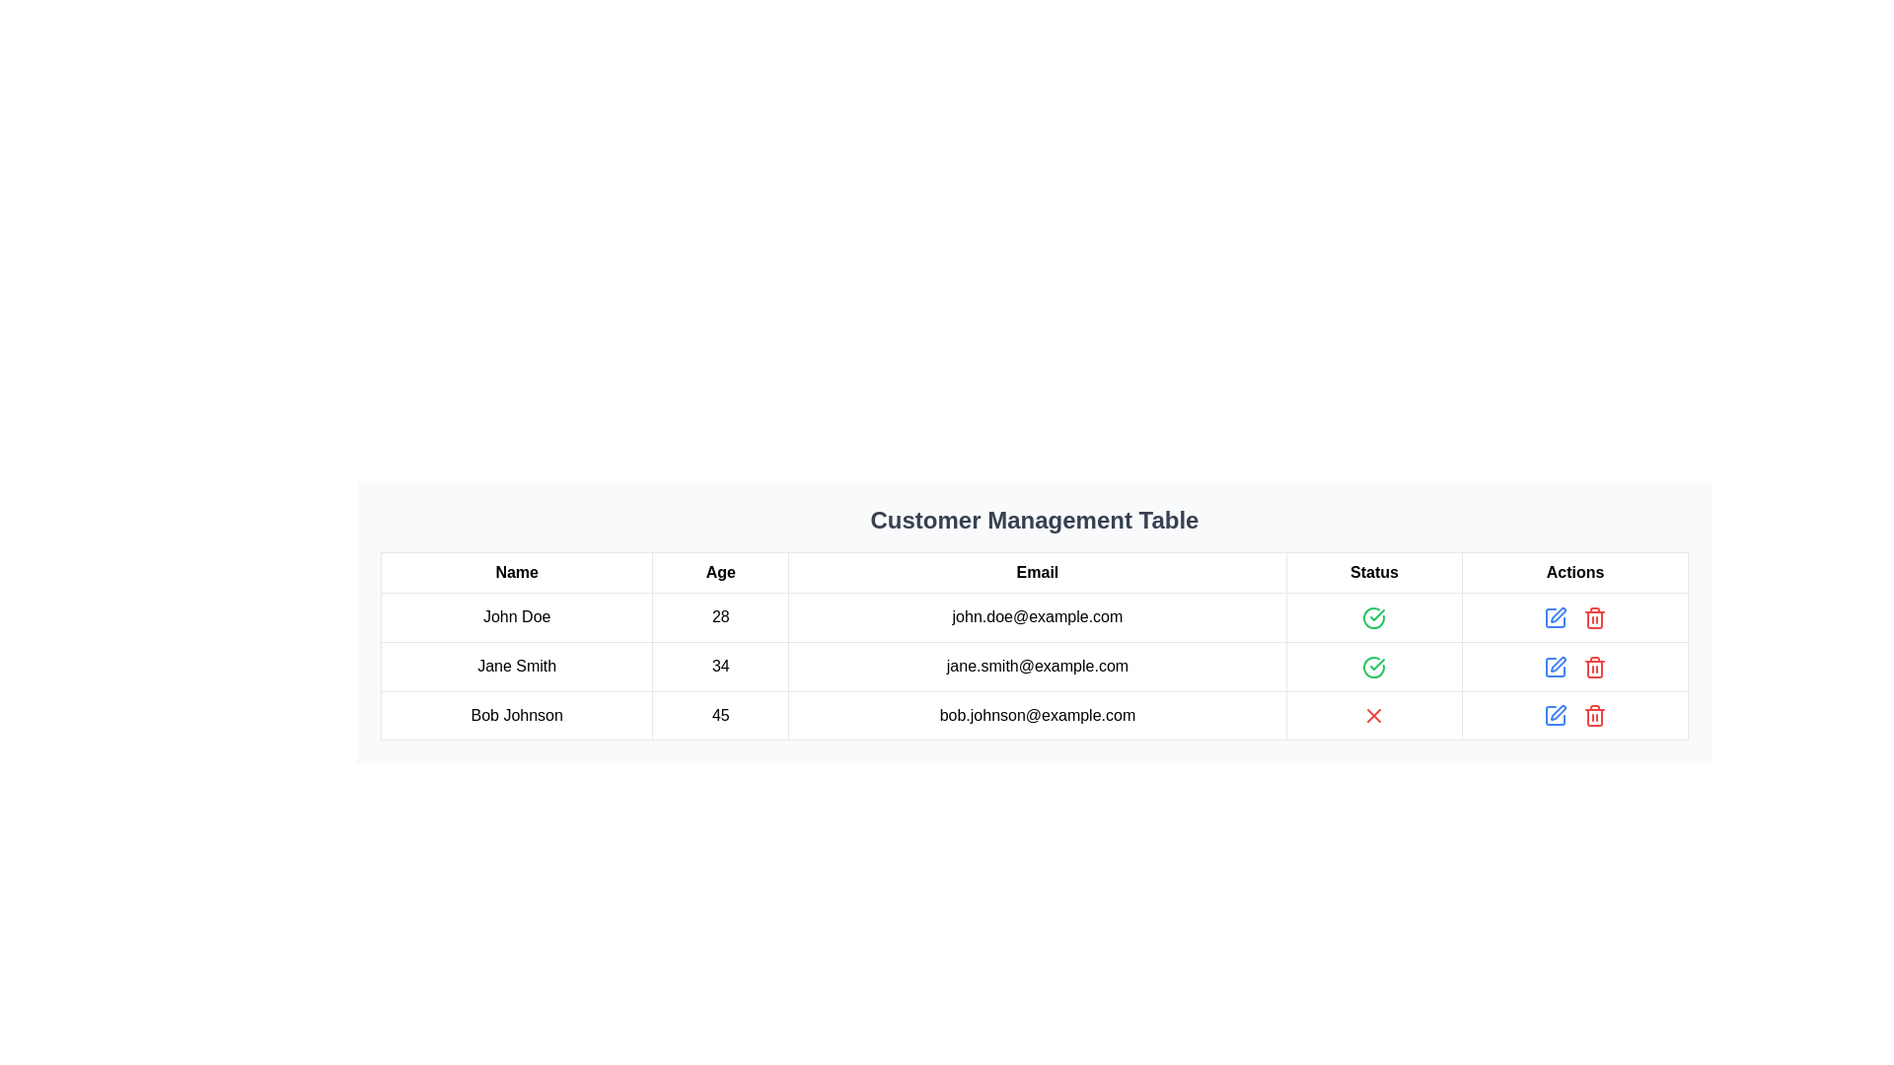 This screenshot has width=1894, height=1065. What do you see at coordinates (1595, 666) in the screenshot?
I see `the red trash can icon in the 'Actions' column of the third row of the table` at bounding box center [1595, 666].